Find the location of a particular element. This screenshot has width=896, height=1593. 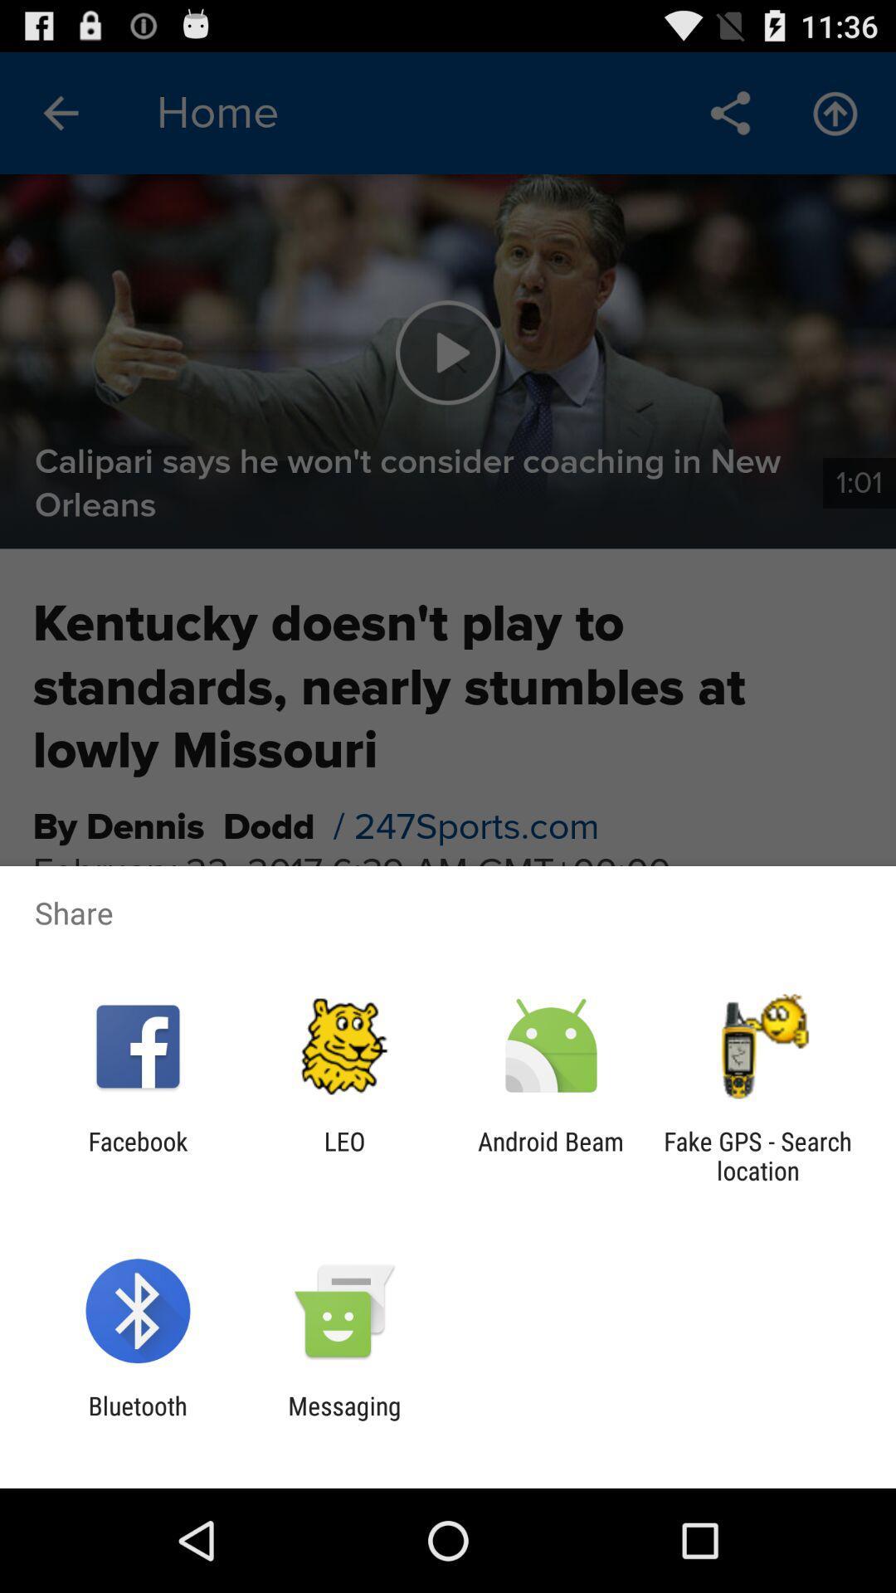

facebook item is located at coordinates (137, 1155).